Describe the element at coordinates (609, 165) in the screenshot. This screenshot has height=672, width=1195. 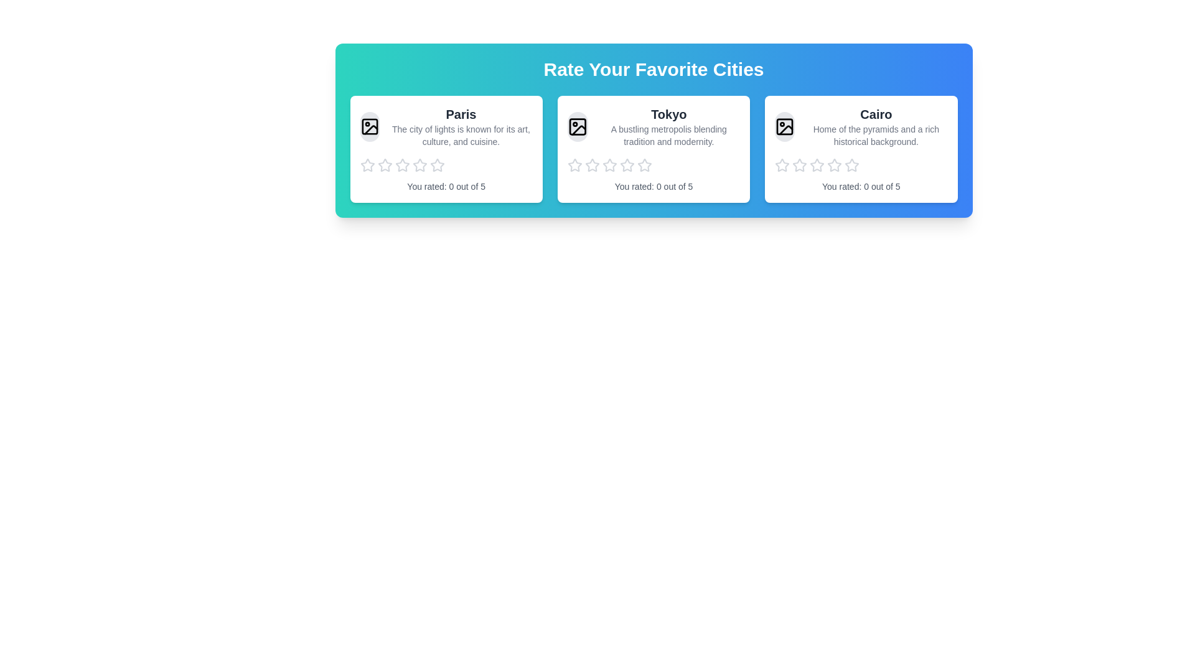
I see `the third star icon in the rating system under the 'Tokyo' panel to rate it` at that location.